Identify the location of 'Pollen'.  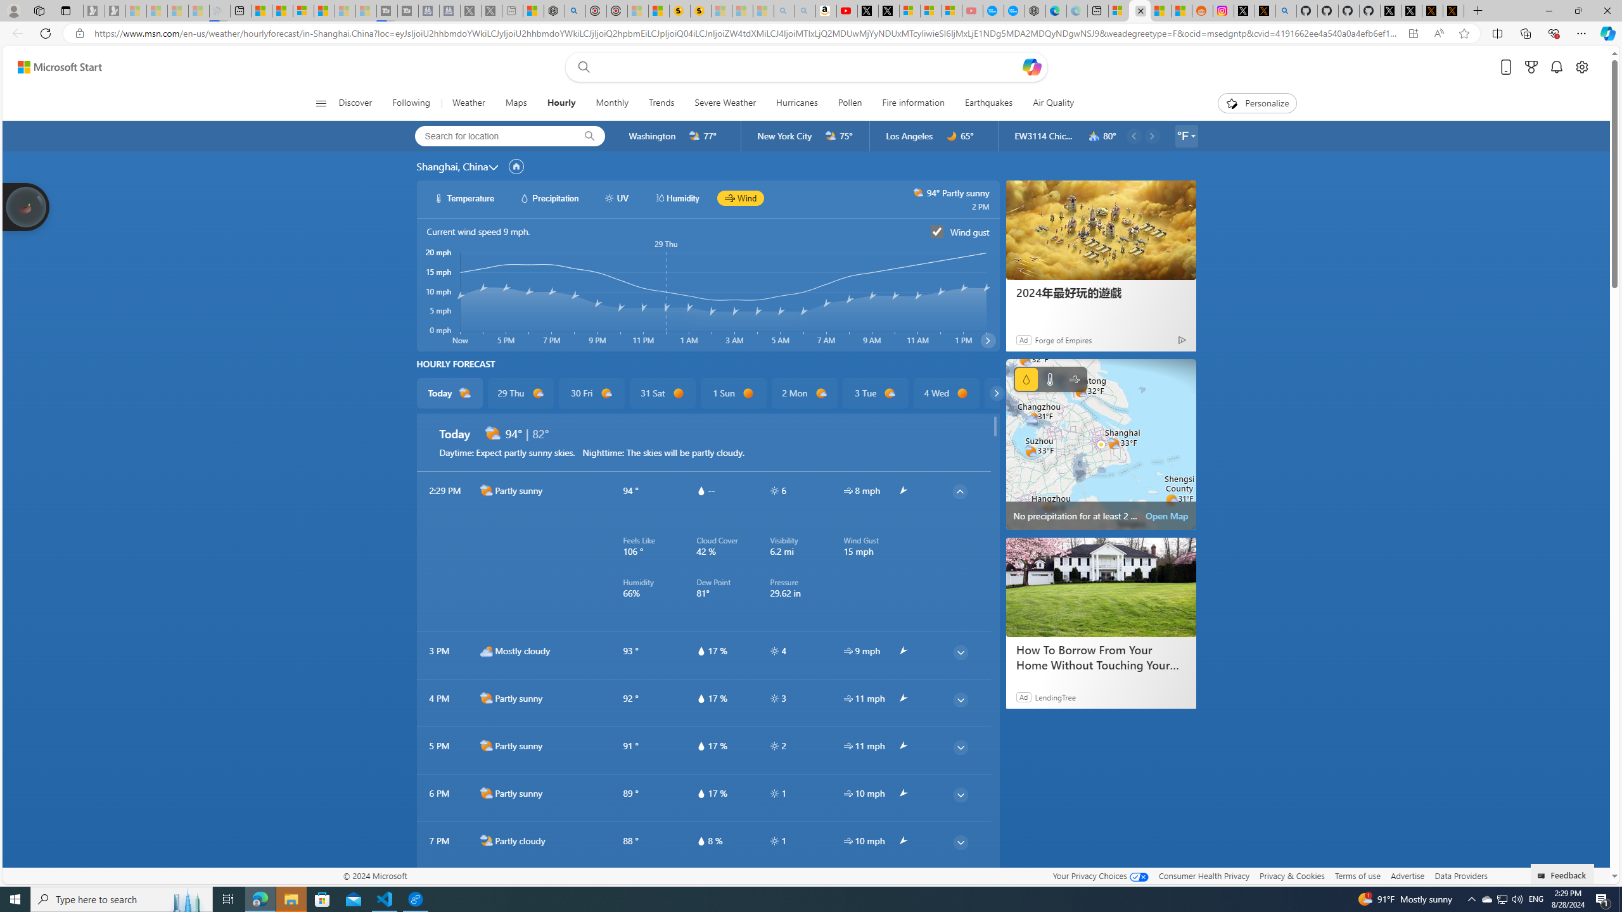
(850, 103).